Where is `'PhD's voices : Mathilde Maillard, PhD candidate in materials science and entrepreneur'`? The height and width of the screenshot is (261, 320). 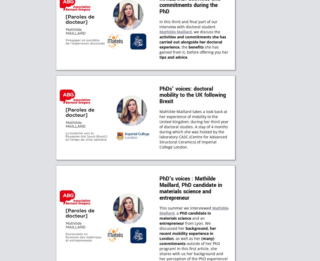
'PhD's voices : Mathilde Maillard, PhD candidate in materials science and entrepreneur' is located at coordinates (191, 188).